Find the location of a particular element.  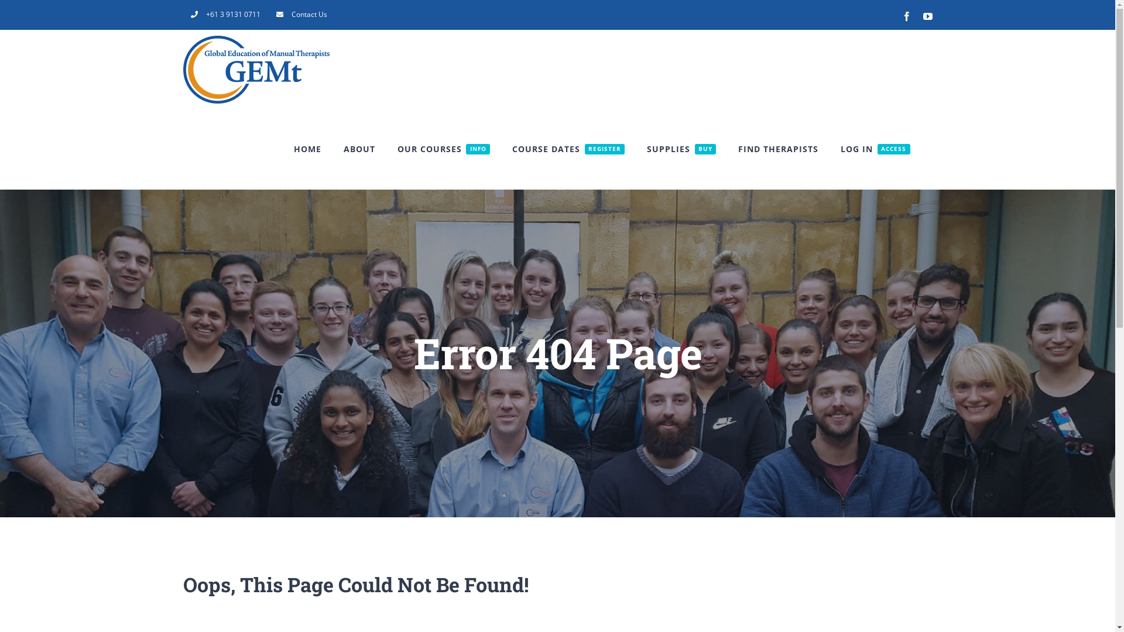

'COURSE DATES is located at coordinates (568, 148).